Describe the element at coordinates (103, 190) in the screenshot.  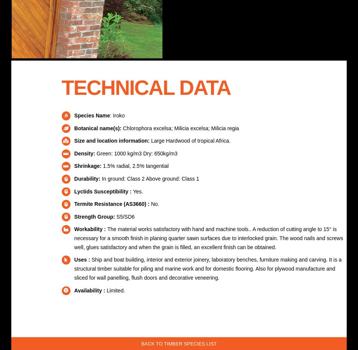
I see `'Lyctids Susceptibility :'` at that location.